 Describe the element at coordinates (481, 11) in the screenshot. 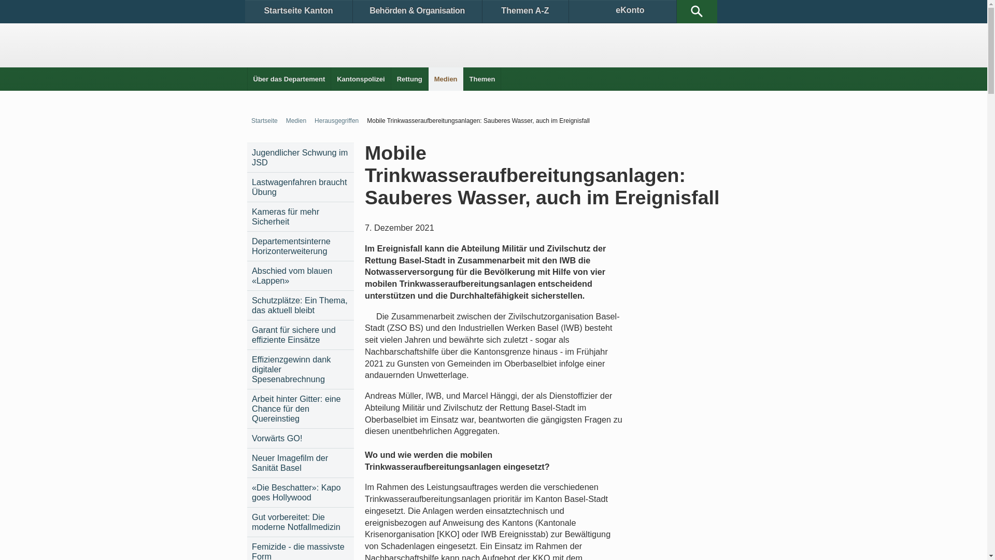

I see `'Themen A-Z'` at that location.